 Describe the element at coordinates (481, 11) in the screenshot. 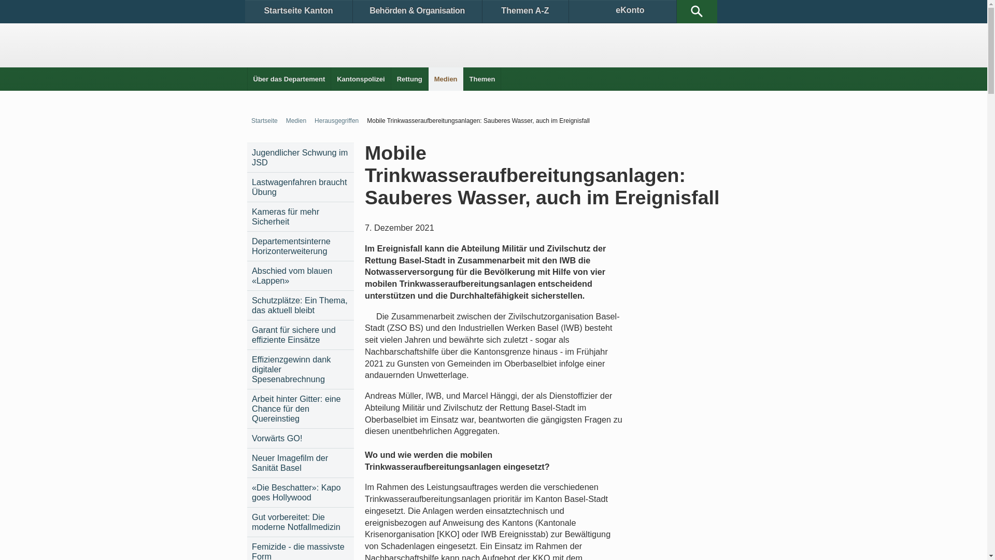

I see `'Themen A-Z'` at that location.